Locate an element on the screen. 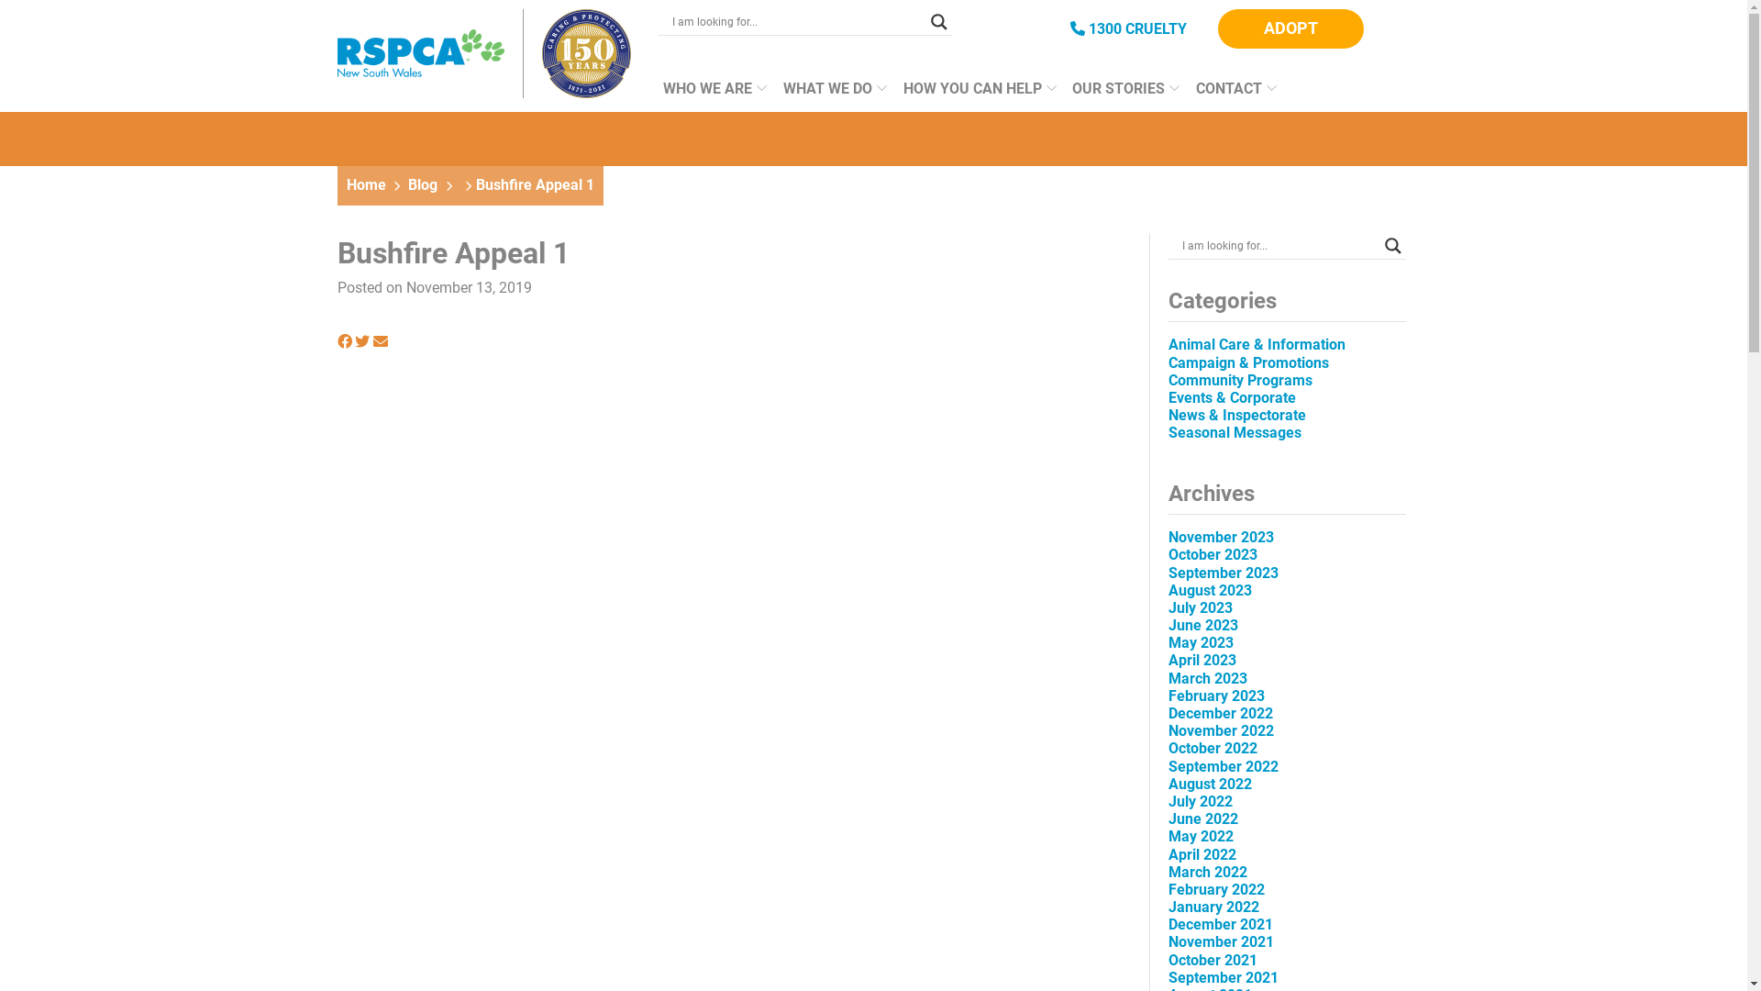  'HOW YOU CAN HELP' is located at coordinates (973, 95).